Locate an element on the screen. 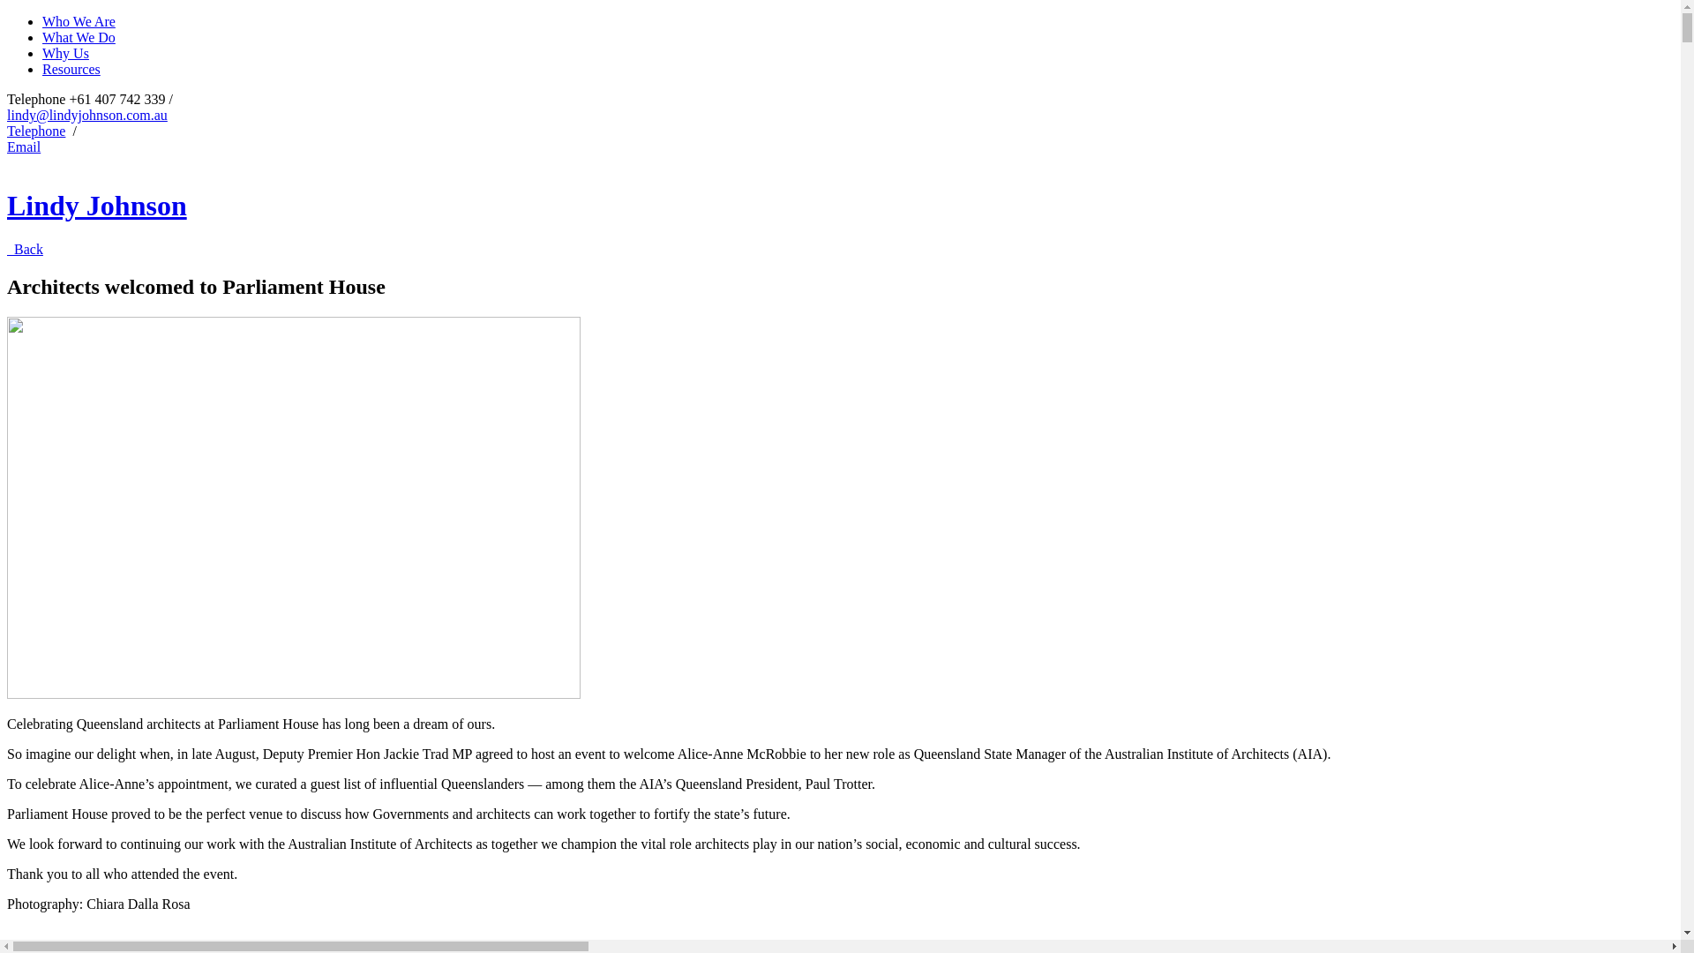 This screenshot has width=1694, height=953. '  Back' is located at coordinates (25, 249).